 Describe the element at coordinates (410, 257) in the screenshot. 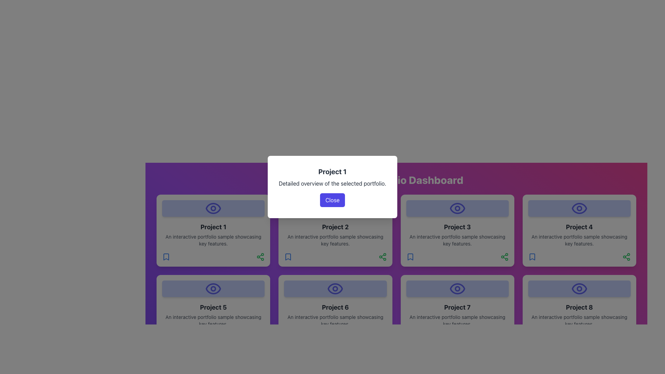

I see `the bookmark icon located at the bottom-left corner of the third card from the left in the top row of the grid layout` at that location.